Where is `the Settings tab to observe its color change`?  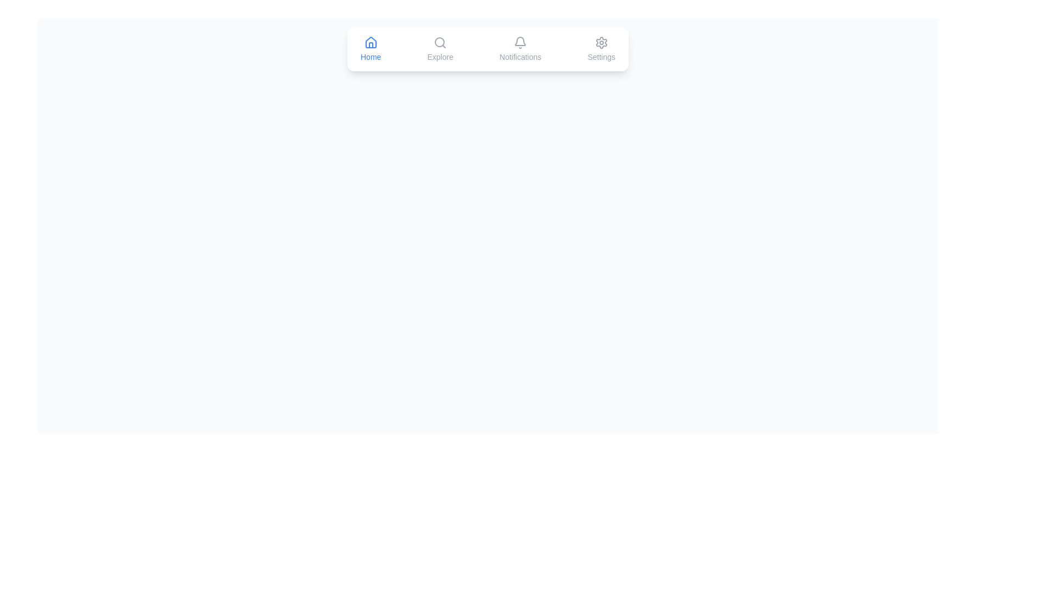 the Settings tab to observe its color change is located at coordinates (601, 48).